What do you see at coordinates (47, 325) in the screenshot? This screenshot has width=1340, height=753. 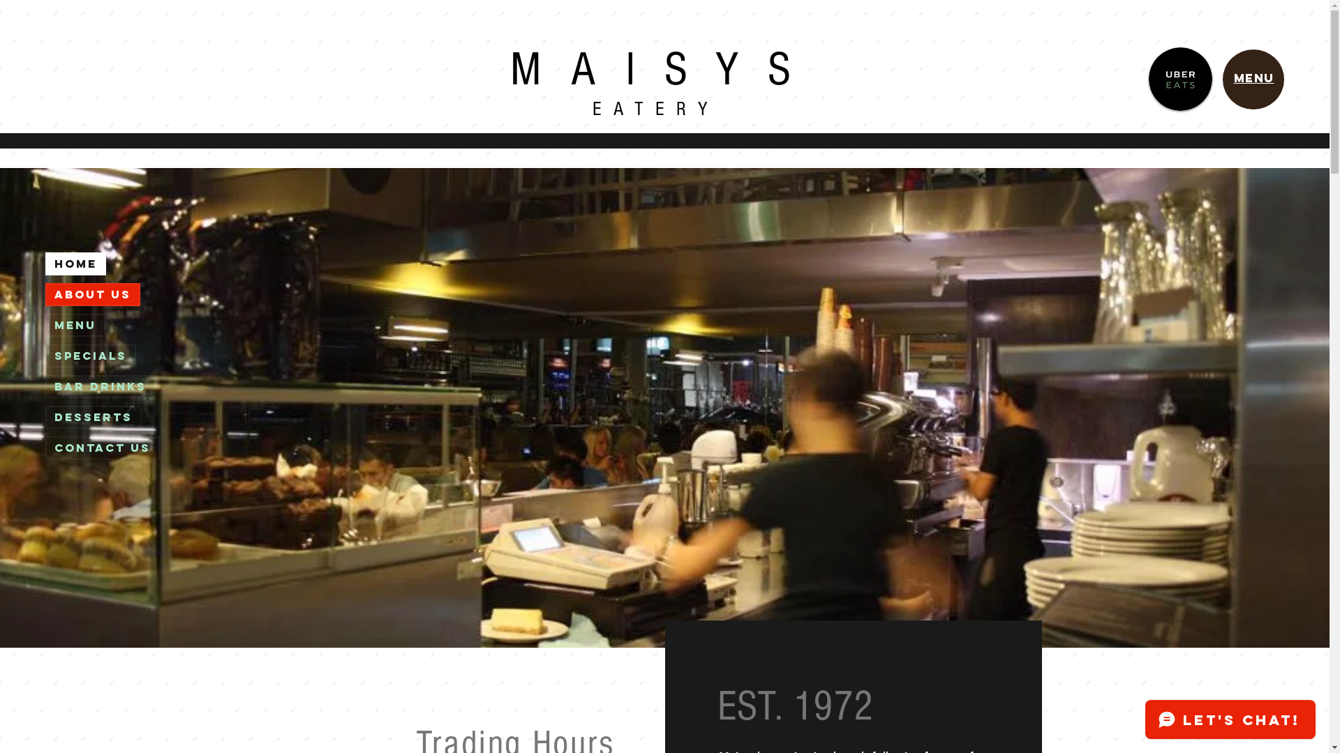 I see `'Menu'` at bounding box center [47, 325].